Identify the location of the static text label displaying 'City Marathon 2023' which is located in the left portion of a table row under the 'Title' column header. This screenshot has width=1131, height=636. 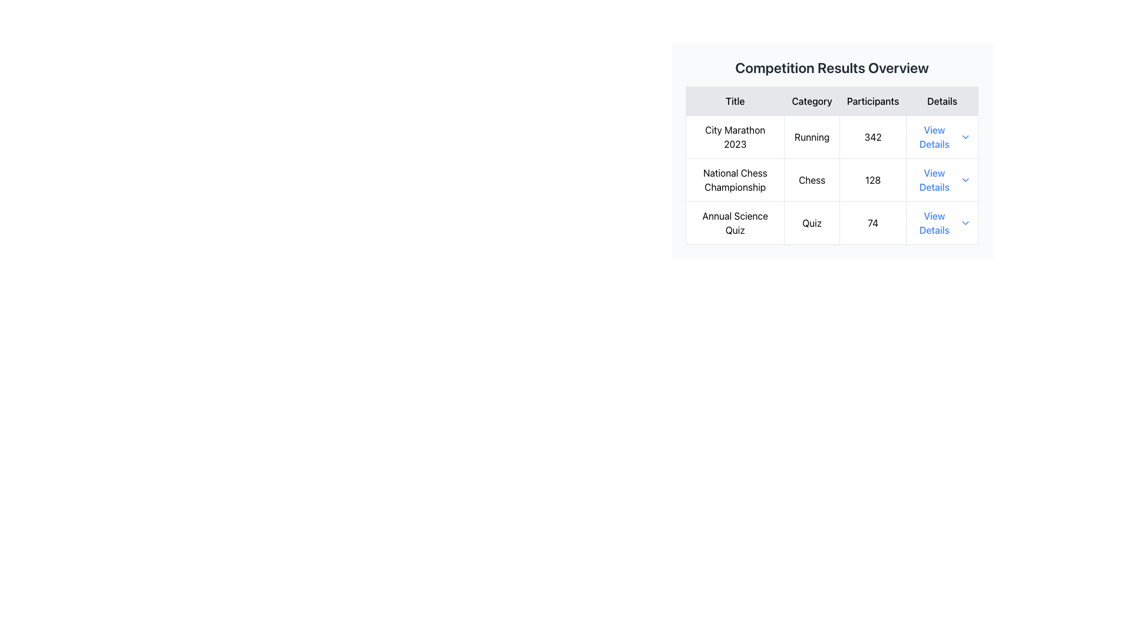
(735, 136).